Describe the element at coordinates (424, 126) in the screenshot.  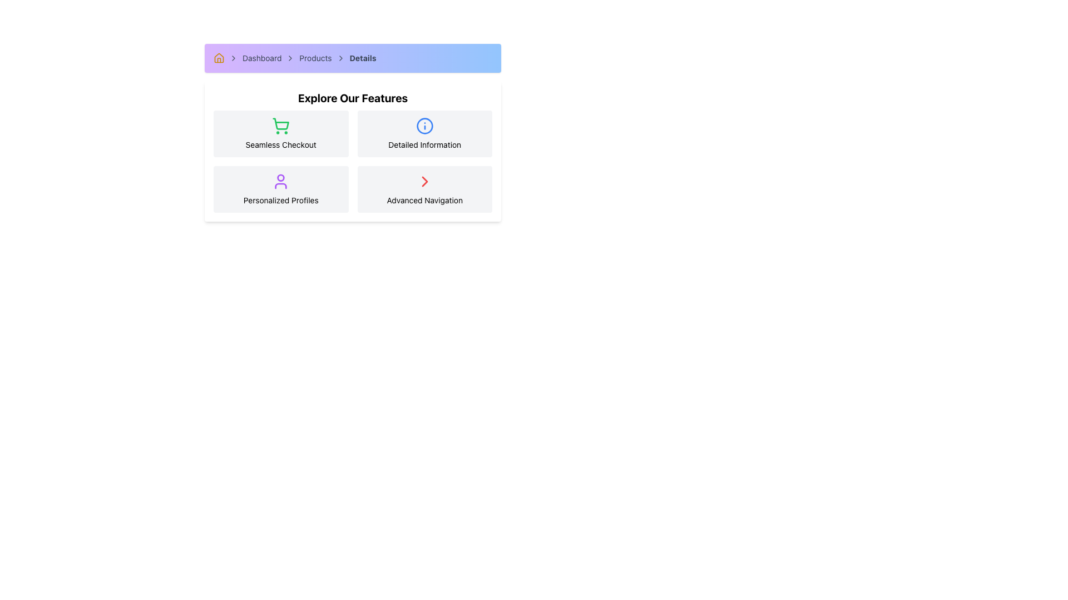
I see `the SVG circle component of the 'i' symbol in the information icon, which is part of the 'Detailed Information' feature within the 'Explore Our Features' grid layout` at that location.